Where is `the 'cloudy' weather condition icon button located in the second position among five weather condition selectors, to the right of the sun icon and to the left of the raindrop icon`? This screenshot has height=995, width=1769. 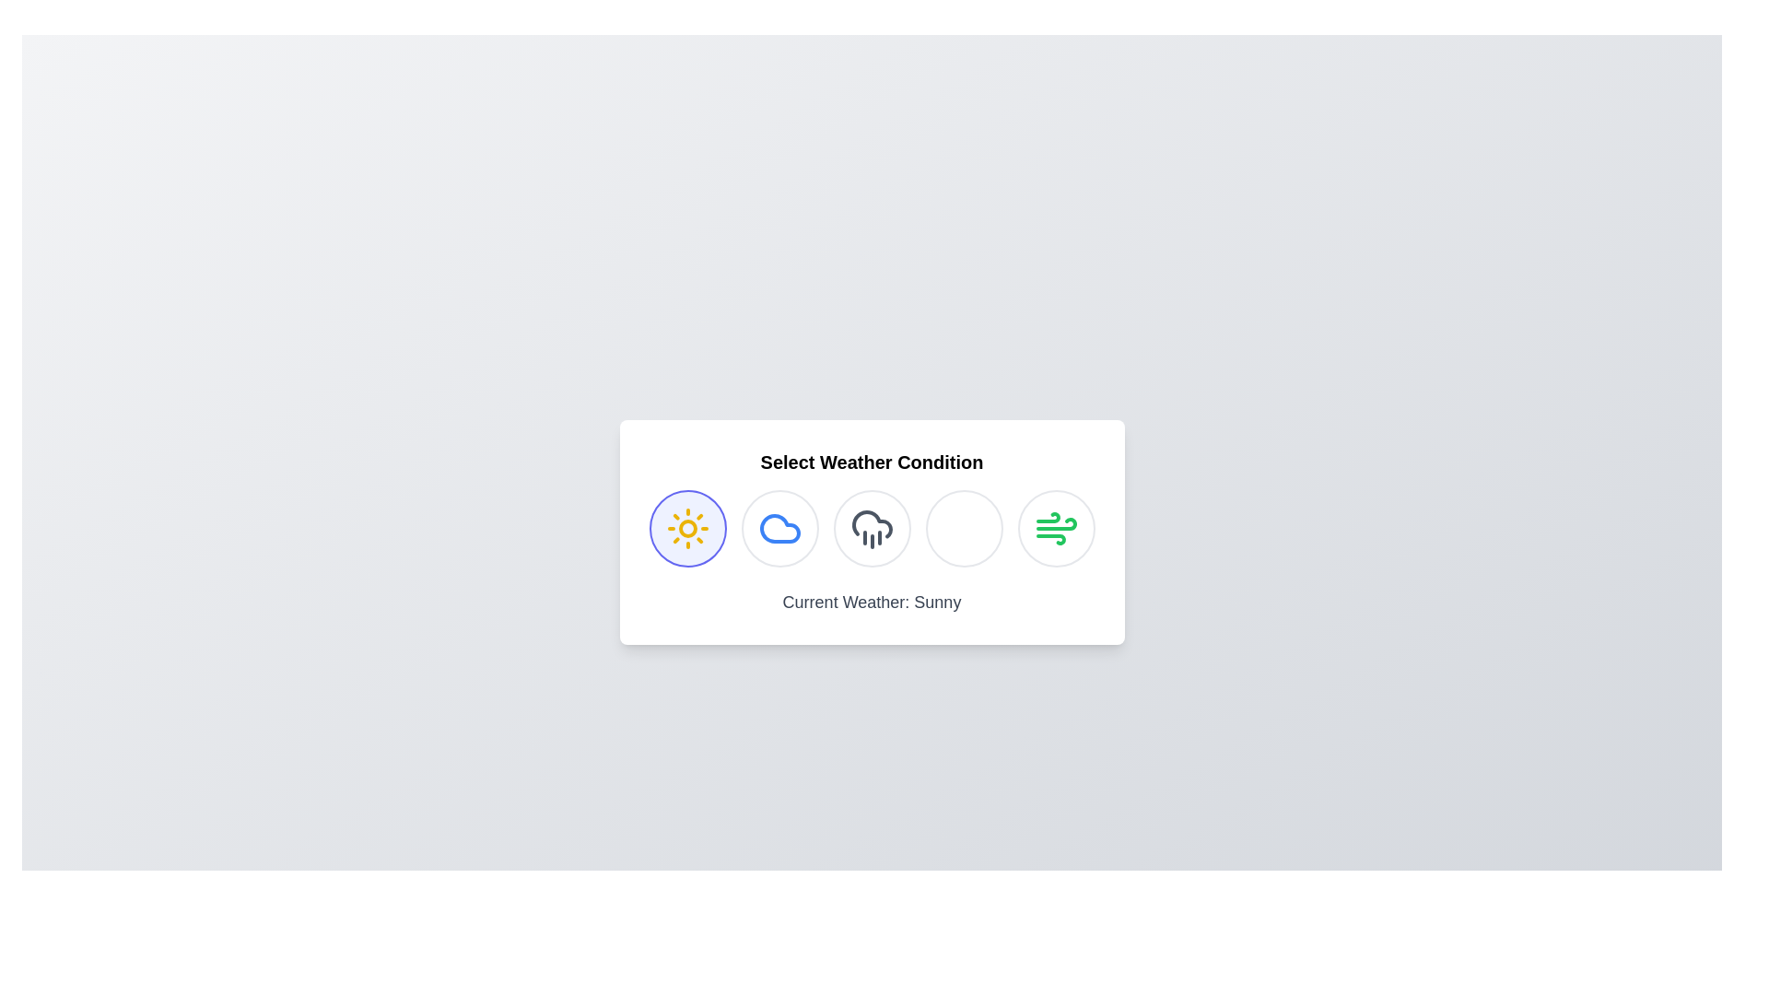
the 'cloudy' weather condition icon button located in the second position among five weather condition selectors, to the right of the sun icon and to the left of the raindrop icon is located at coordinates (779, 529).